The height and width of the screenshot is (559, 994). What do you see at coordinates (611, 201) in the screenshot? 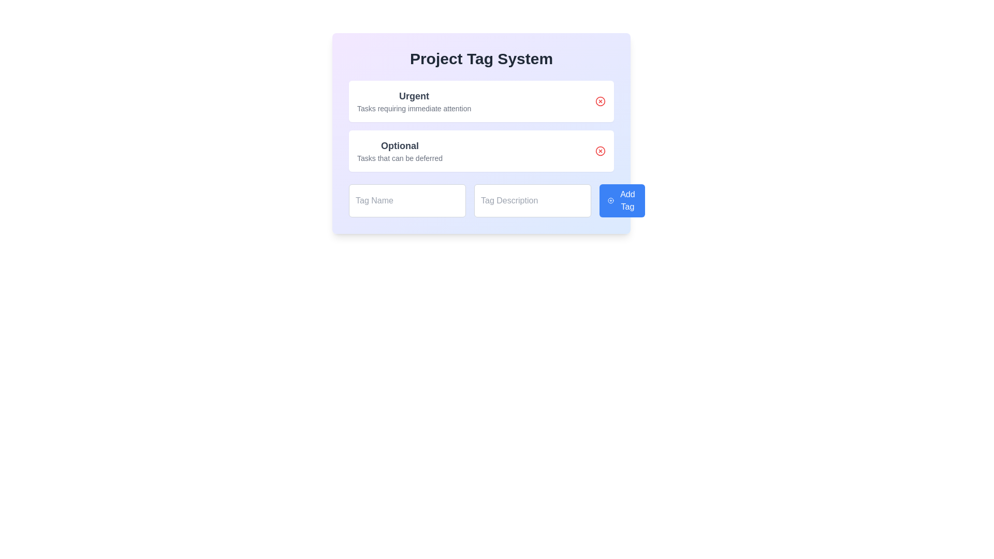
I see `the circular icon with a plus symbol inside, which has a blue background and is part of the 'Add Tag' button located to the right of the input fields` at bounding box center [611, 201].